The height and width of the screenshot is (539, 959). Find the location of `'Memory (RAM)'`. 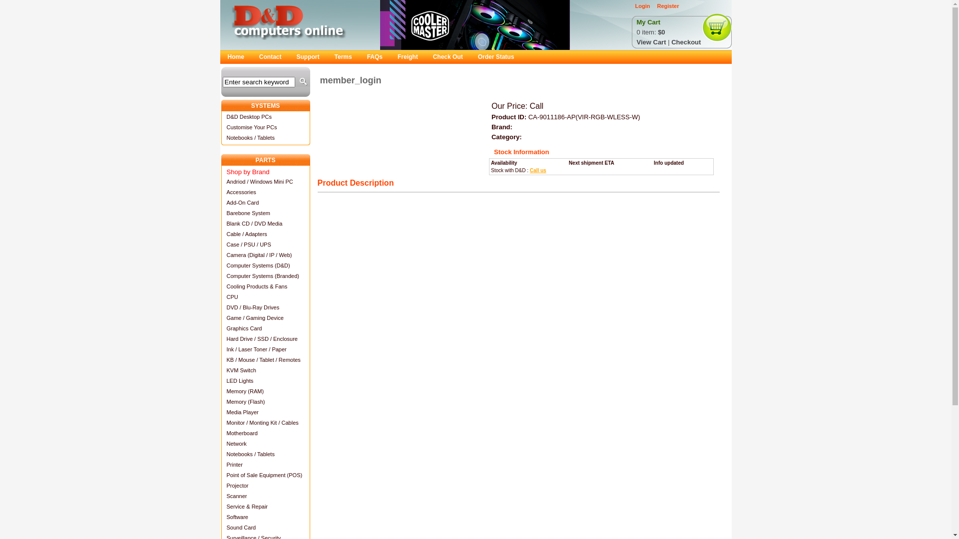

'Memory (RAM)' is located at coordinates (265, 390).